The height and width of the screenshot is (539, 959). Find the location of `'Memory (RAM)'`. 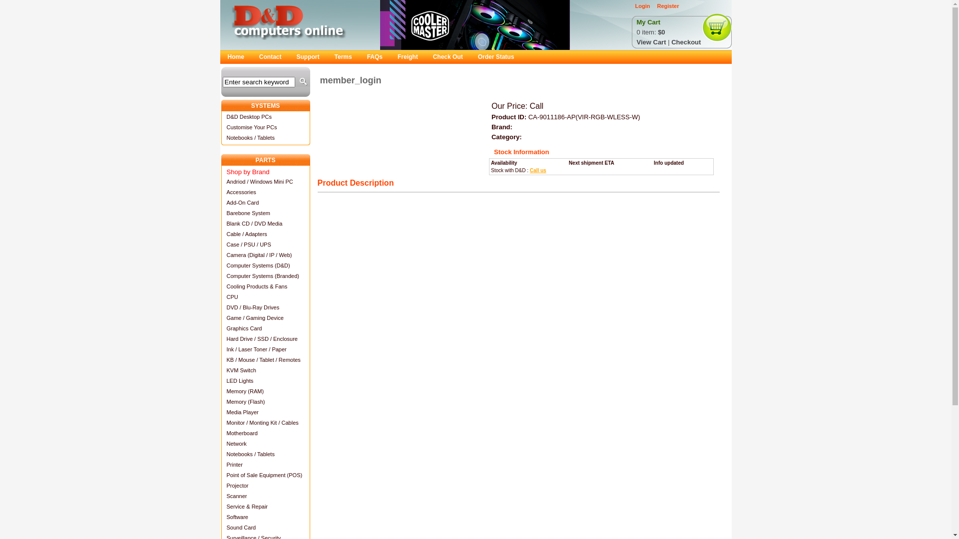

'Memory (RAM)' is located at coordinates (265, 390).